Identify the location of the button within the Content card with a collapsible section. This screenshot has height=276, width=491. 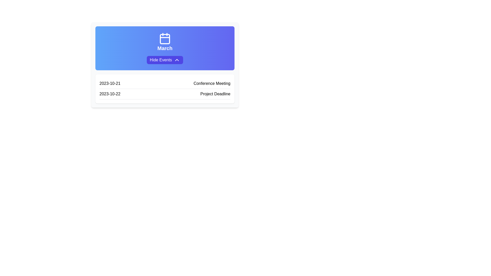
(165, 65).